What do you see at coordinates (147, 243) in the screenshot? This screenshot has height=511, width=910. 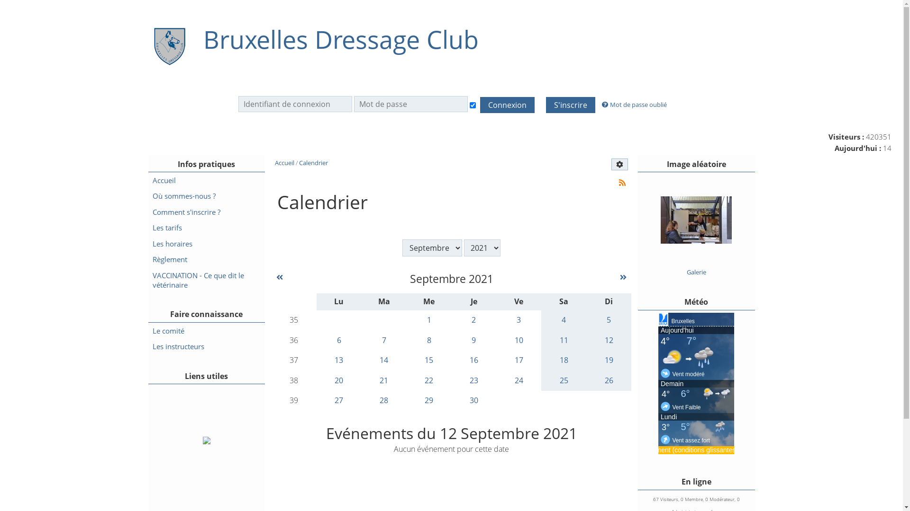 I see `'Les horaires'` at bounding box center [147, 243].